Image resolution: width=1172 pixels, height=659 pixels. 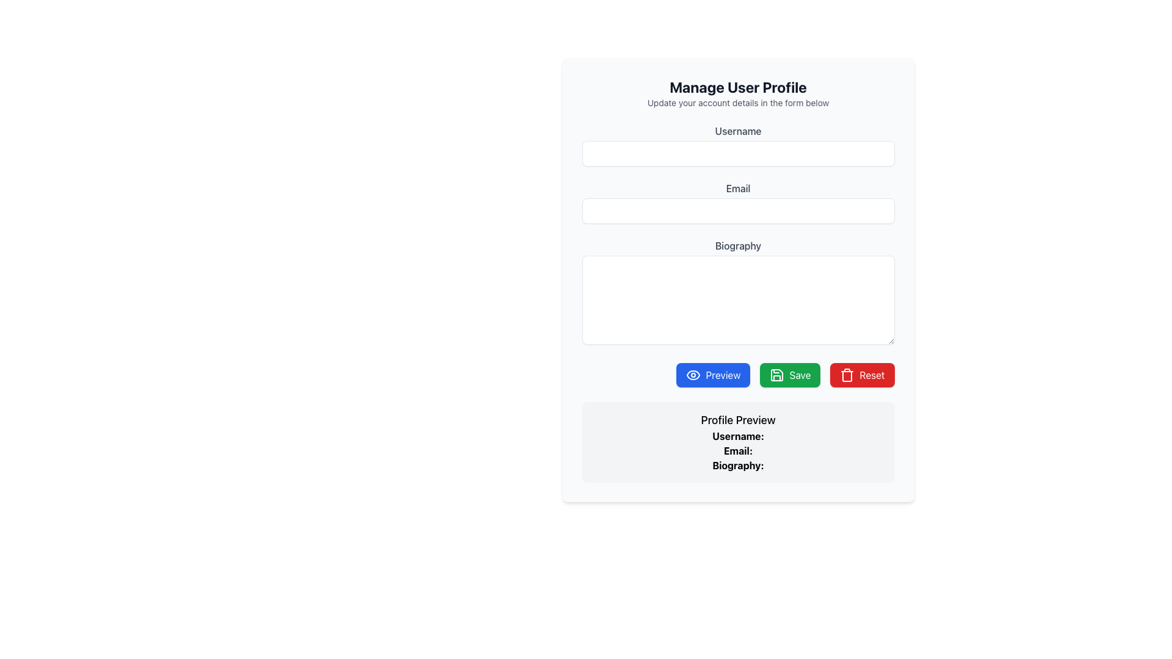 What do you see at coordinates (737, 374) in the screenshot?
I see `the first button in the horizontal group located below the biography input field` at bounding box center [737, 374].